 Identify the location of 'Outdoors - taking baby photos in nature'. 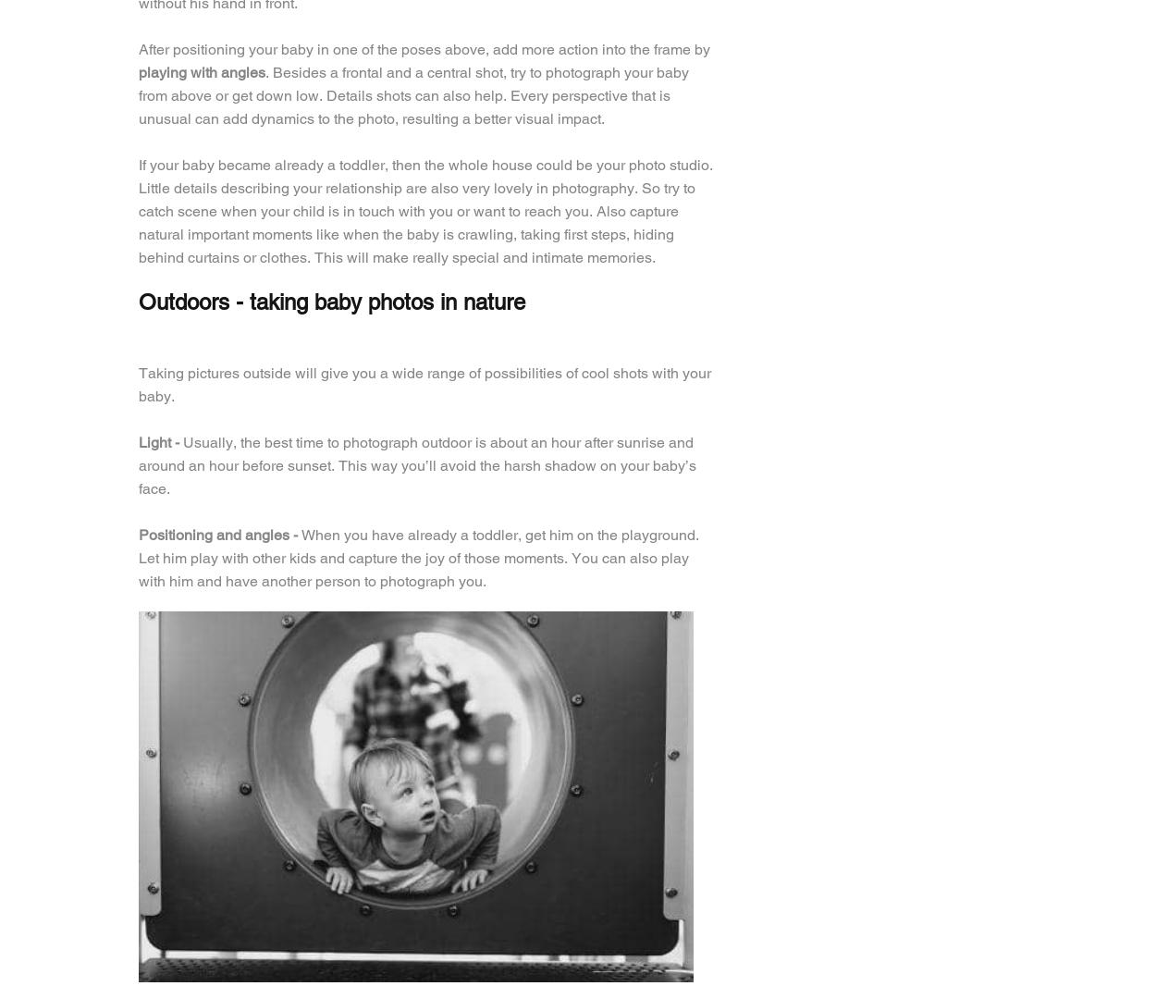
(139, 302).